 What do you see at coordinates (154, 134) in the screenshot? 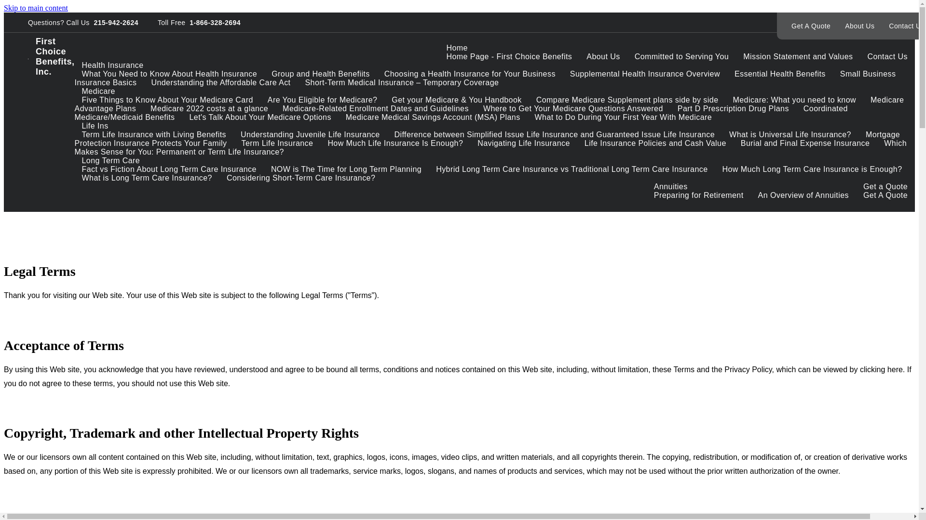
I see `'Term Life Insurance with Living Benefits'` at bounding box center [154, 134].